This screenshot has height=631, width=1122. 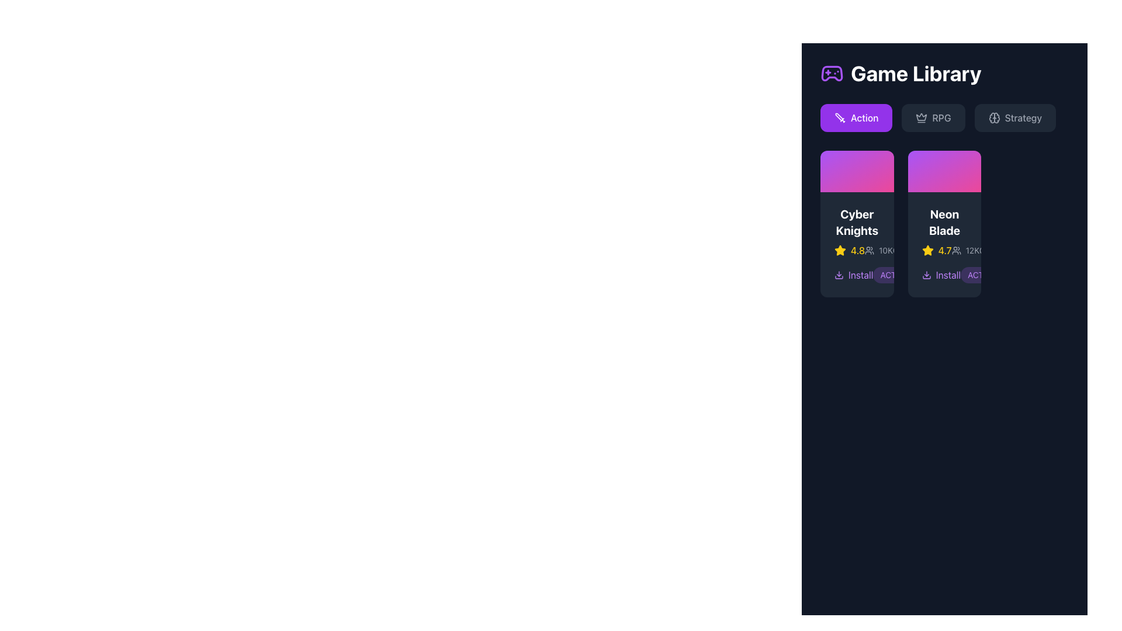 I want to click on the 'Action' label located within the first button in a row of category buttons near the top left corner of the interface, so click(x=864, y=117).